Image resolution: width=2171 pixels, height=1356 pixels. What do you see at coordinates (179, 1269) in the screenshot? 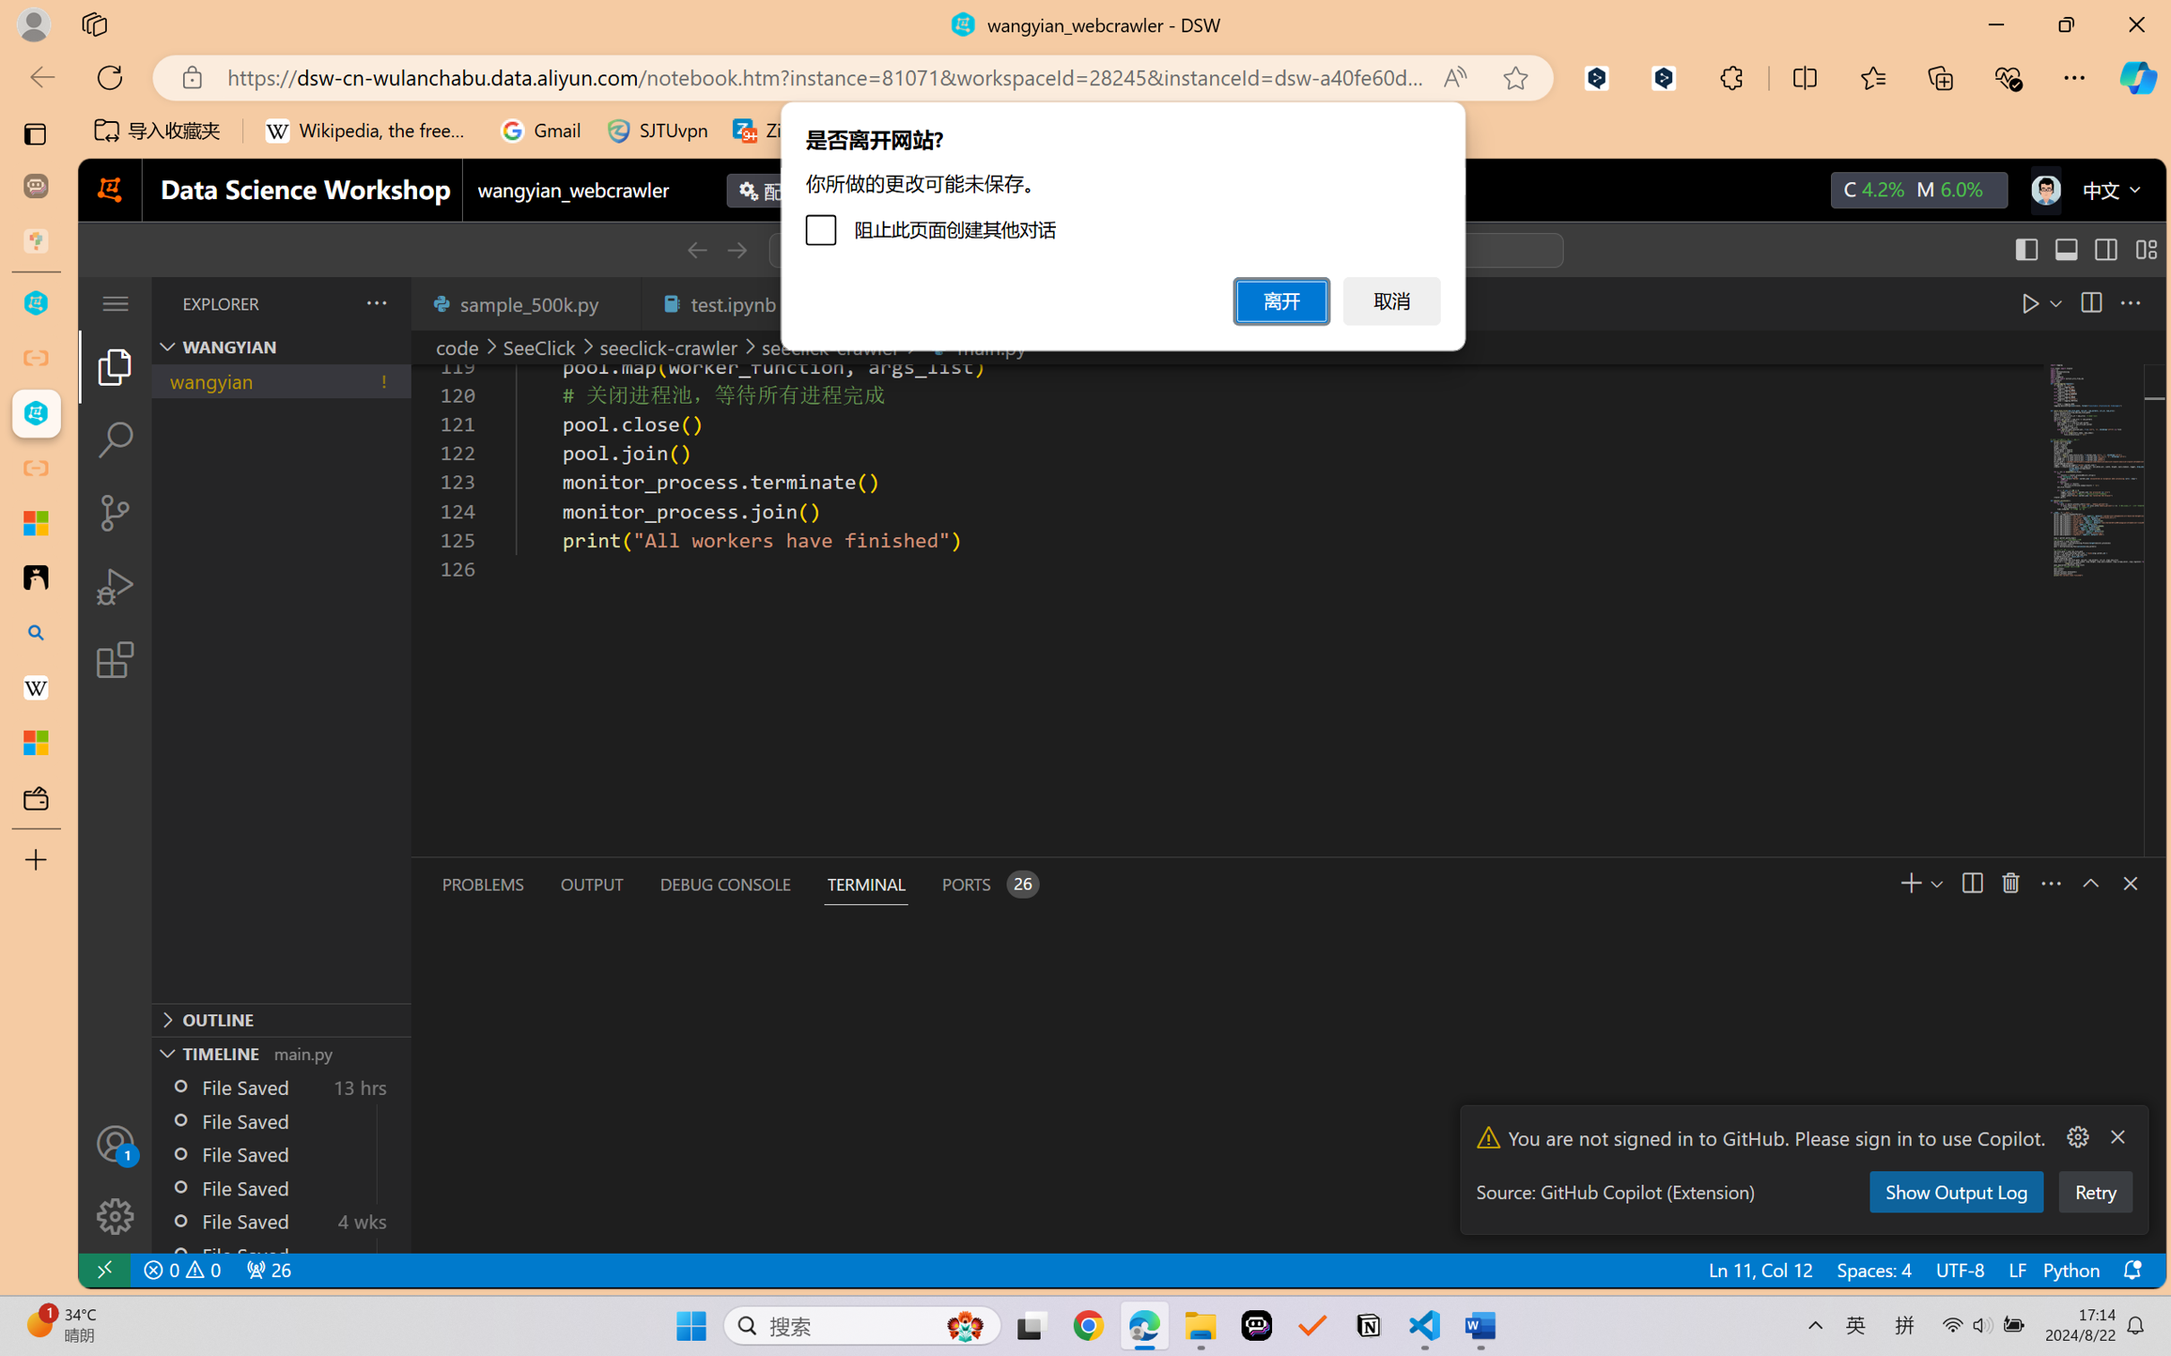
I see `'No Problems'` at bounding box center [179, 1269].